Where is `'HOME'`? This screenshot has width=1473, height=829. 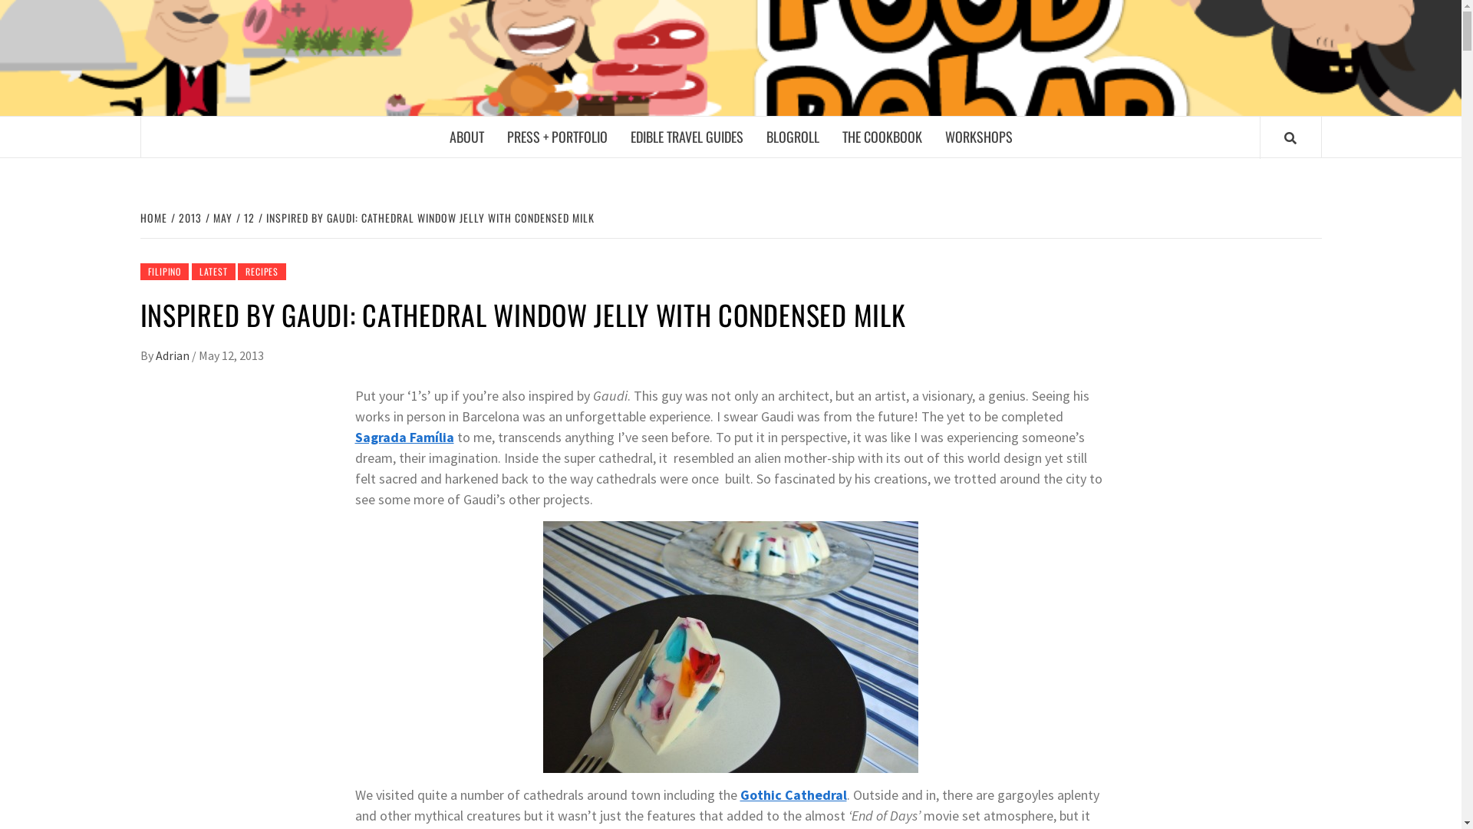 'HOME' is located at coordinates (140, 217).